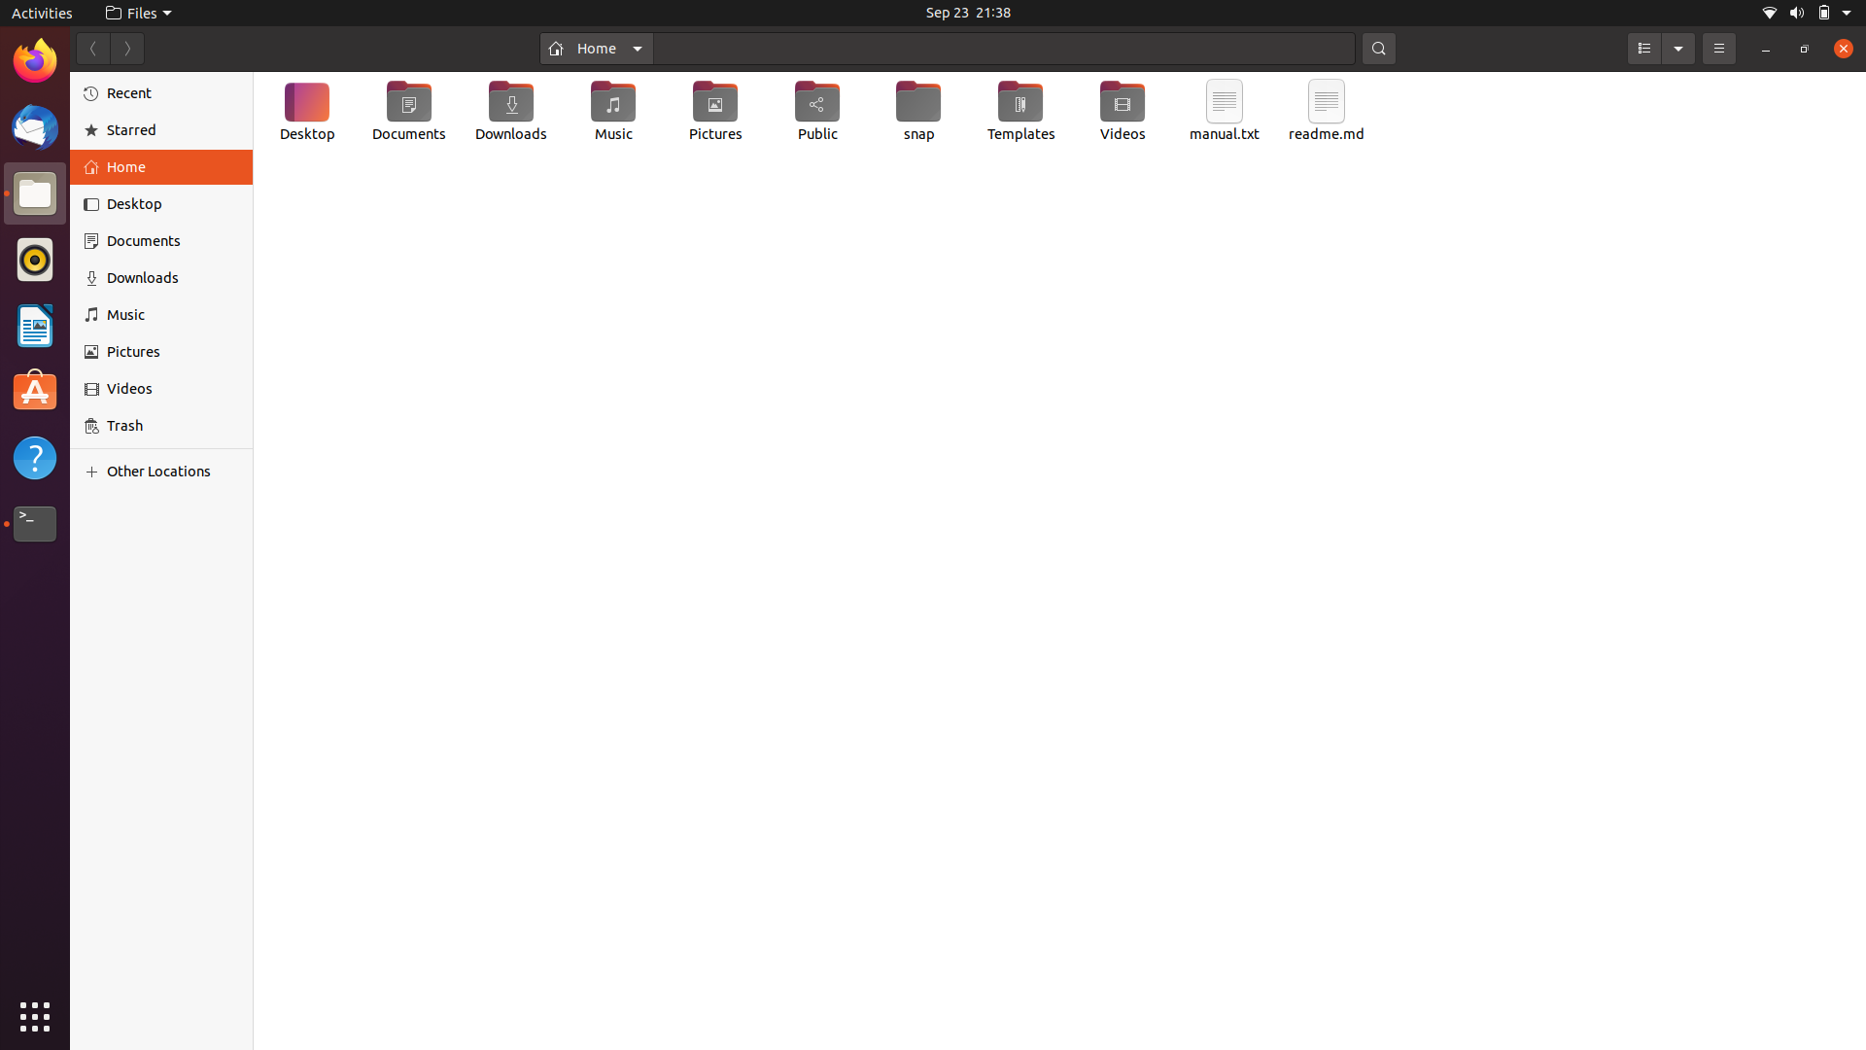 The width and height of the screenshot is (1866, 1050). Describe the element at coordinates (161, 91) in the screenshot. I see `the "Recents" category by clicking on it` at that location.